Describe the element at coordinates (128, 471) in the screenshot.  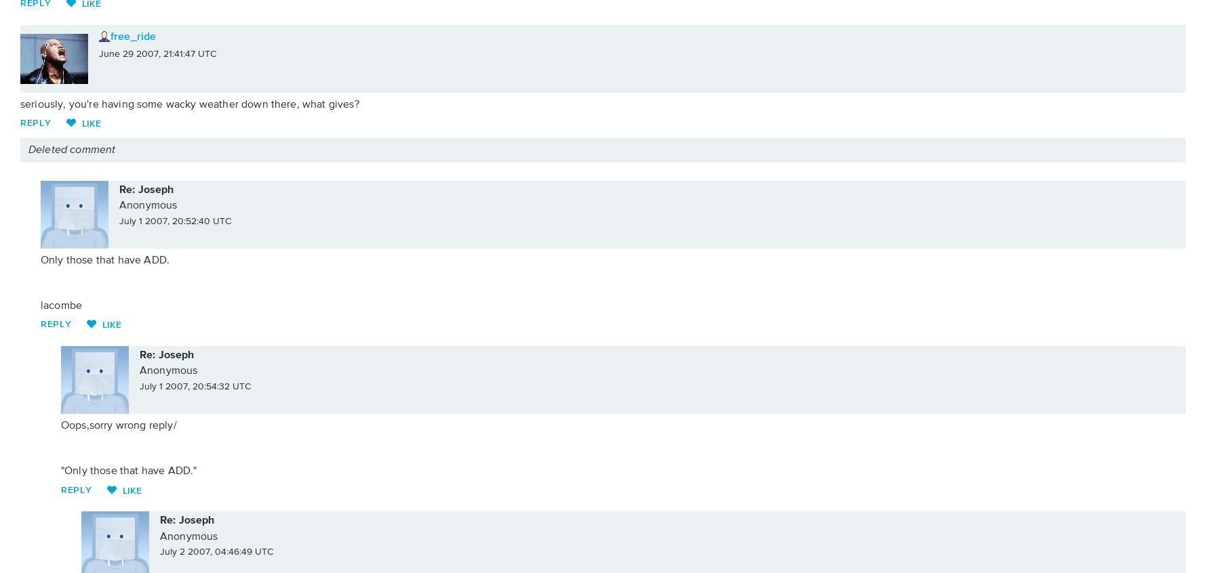
I see `'"Only those that have ADD."'` at that location.